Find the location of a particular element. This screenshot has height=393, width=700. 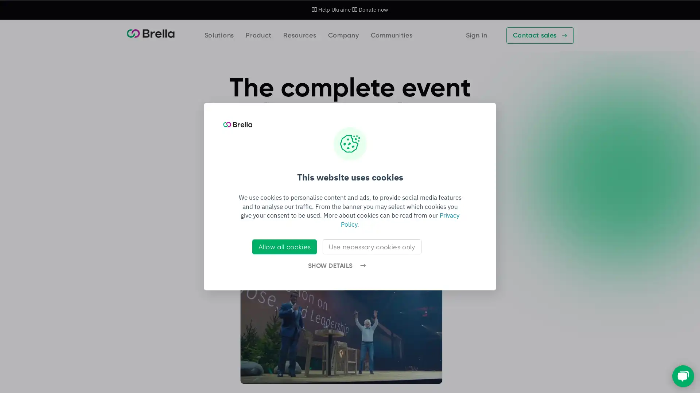

Use necessary cookies only is located at coordinates (372, 246).